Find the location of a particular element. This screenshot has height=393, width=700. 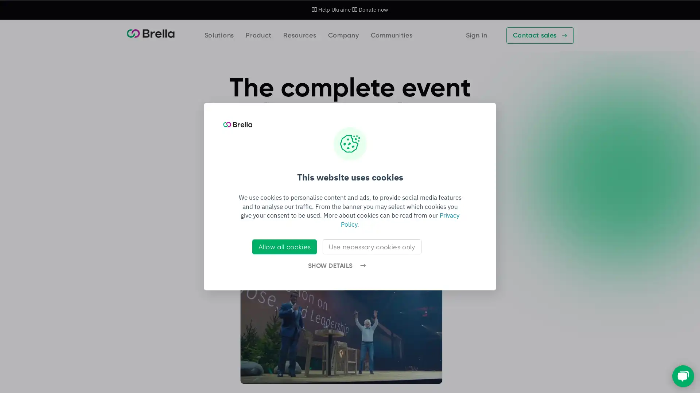

Use necessary cookies only is located at coordinates (372, 246).